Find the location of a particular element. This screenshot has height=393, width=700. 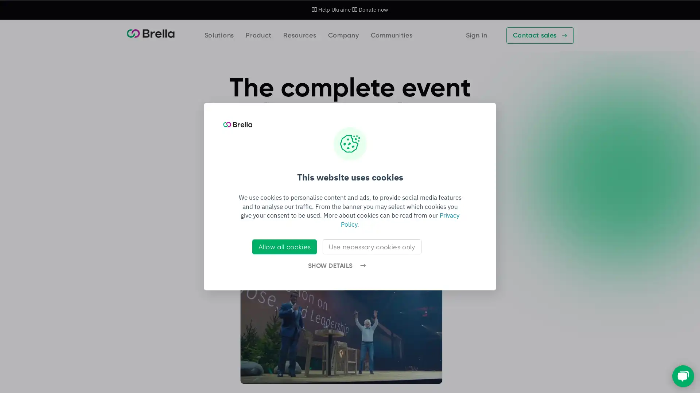

Use necessary cookies only is located at coordinates (372, 246).